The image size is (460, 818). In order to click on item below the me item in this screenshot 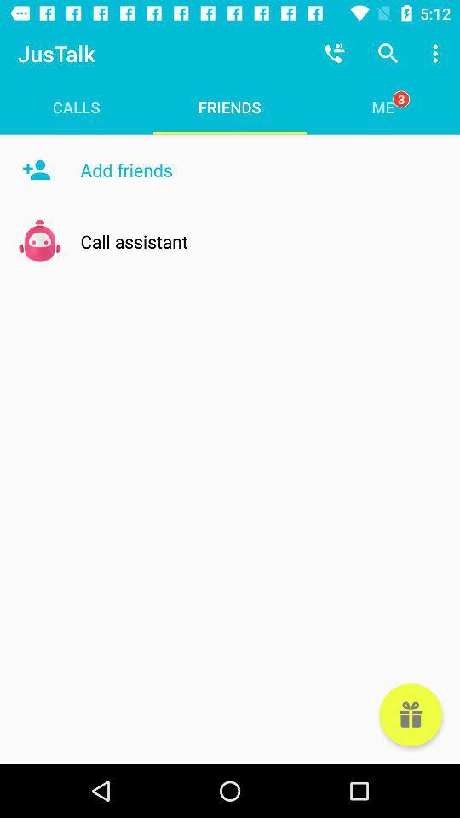, I will do `click(410, 715)`.